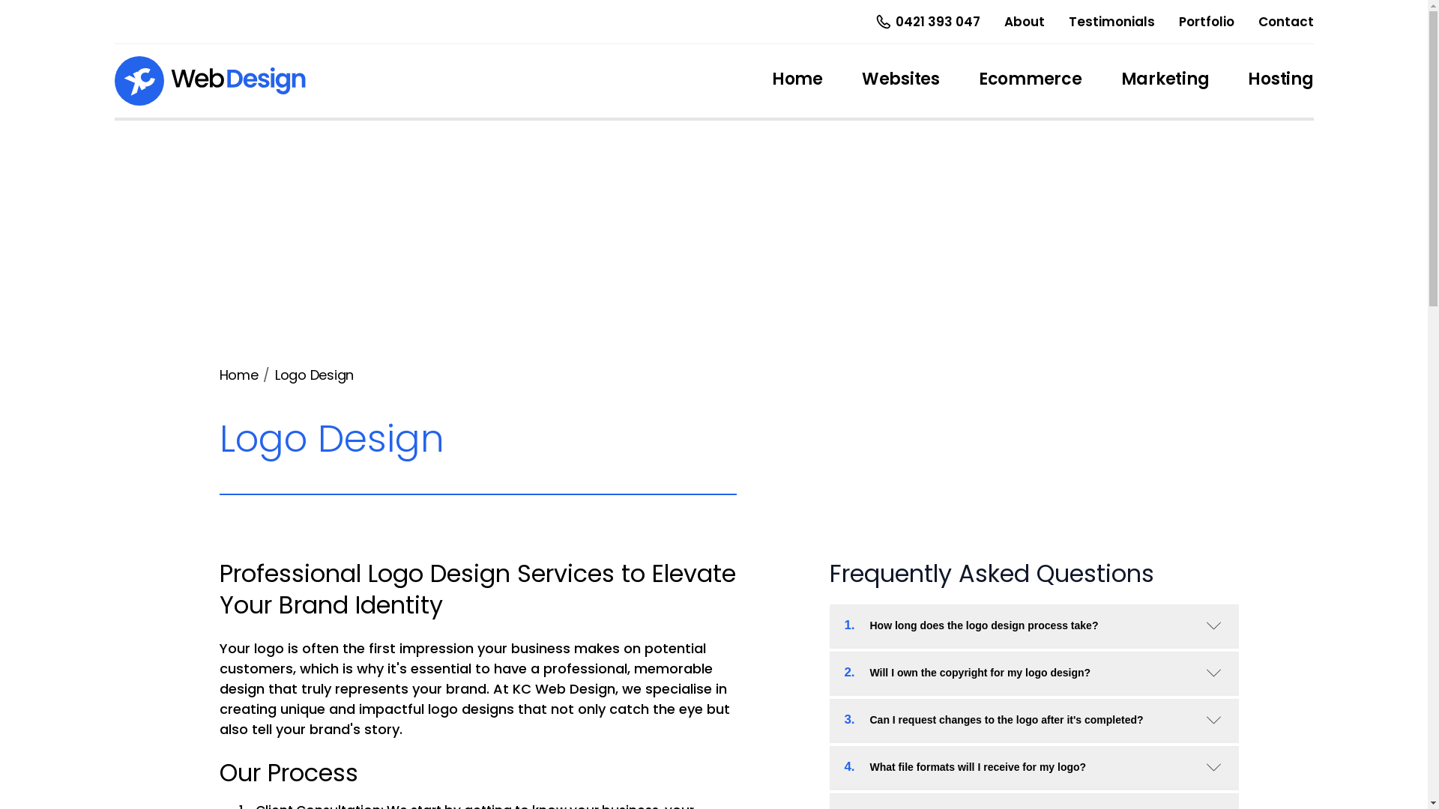 The width and height of the screenshot is (1439, 809). Describe the element at coordinates (925, 22) in the screenshot. I see `'0421 393 047'` at that location.